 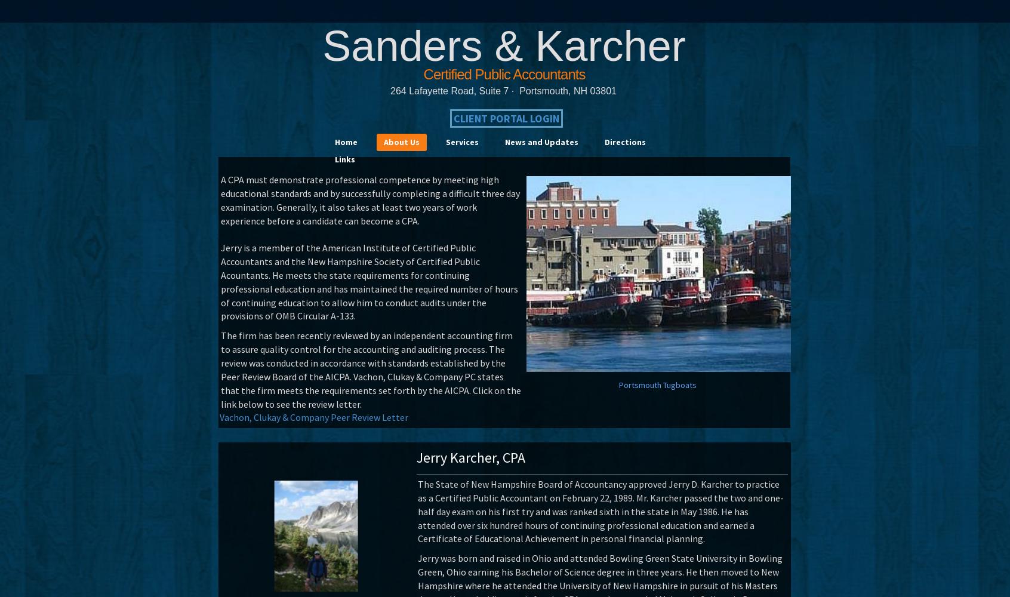 I want to click on 'CLIENT PORTAL LOGIN', so click(x=506, y=118).